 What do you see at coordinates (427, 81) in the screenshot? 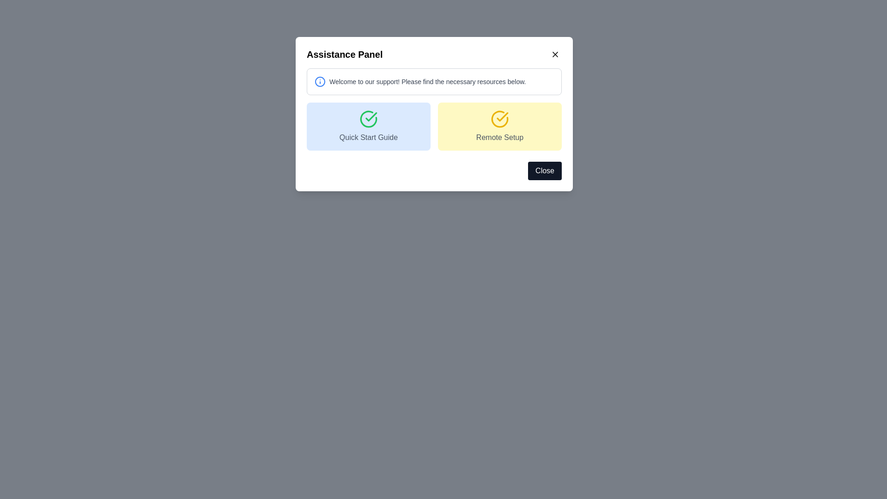
I see `the welcome message static text element that provides guidance for users, which is positioned near the top of a pop-up window to the right of an informational icon` at bounding box center [427, 81].